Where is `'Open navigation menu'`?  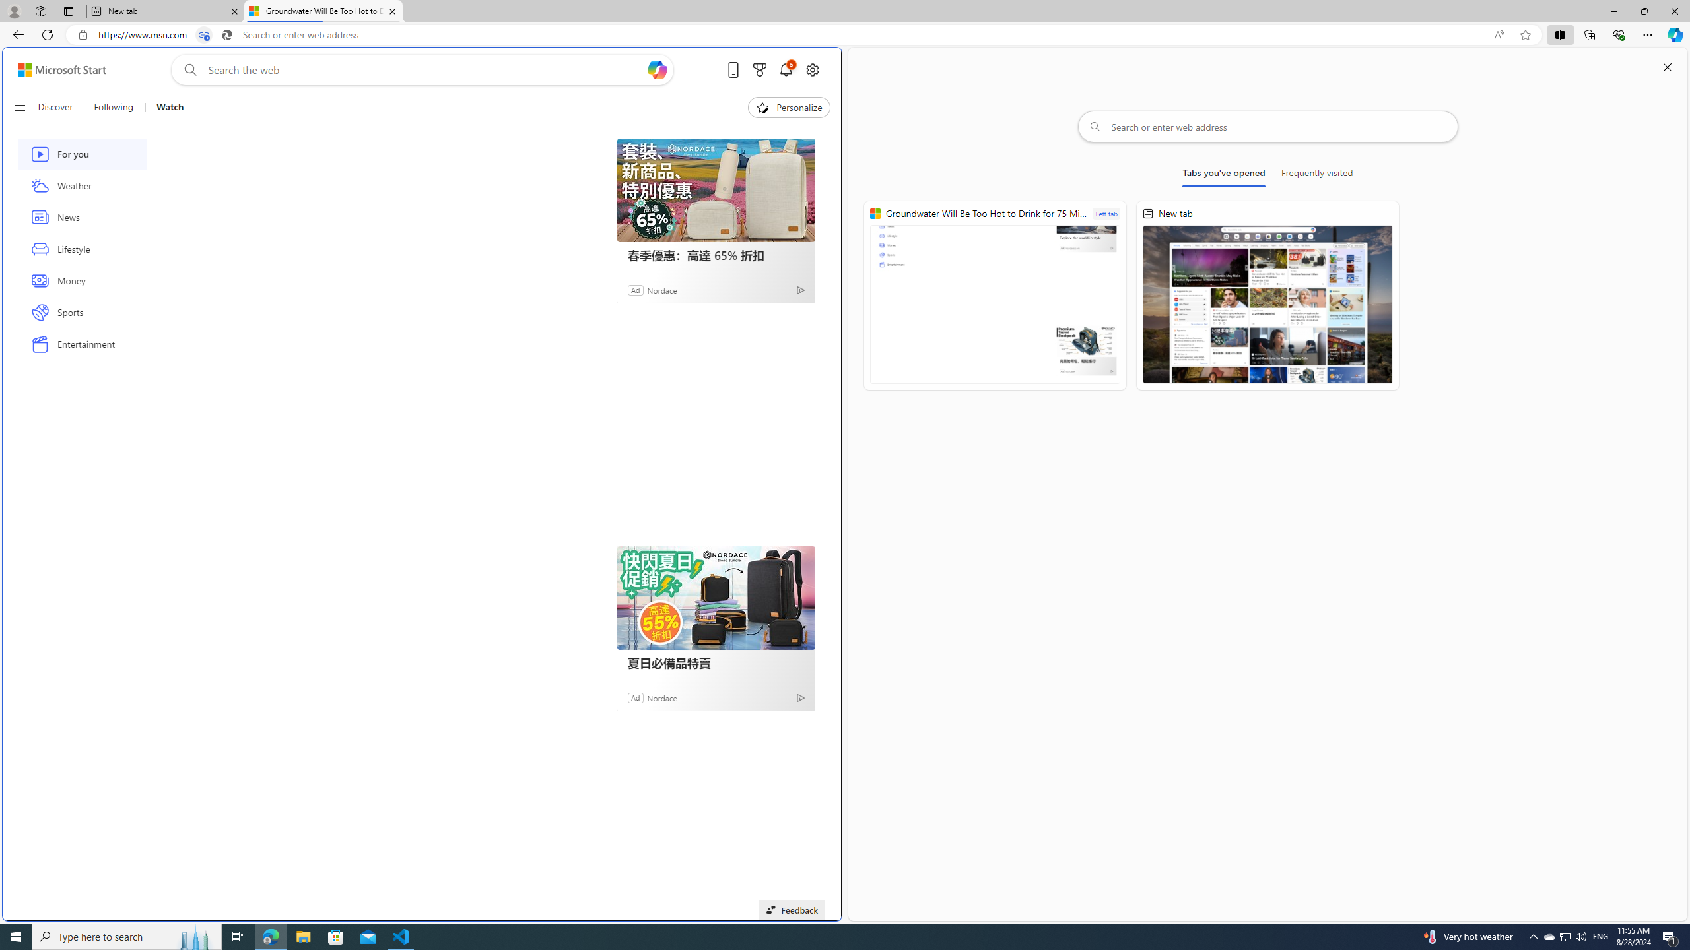 'Open navigation menu' is located at coordinates (18, 106).